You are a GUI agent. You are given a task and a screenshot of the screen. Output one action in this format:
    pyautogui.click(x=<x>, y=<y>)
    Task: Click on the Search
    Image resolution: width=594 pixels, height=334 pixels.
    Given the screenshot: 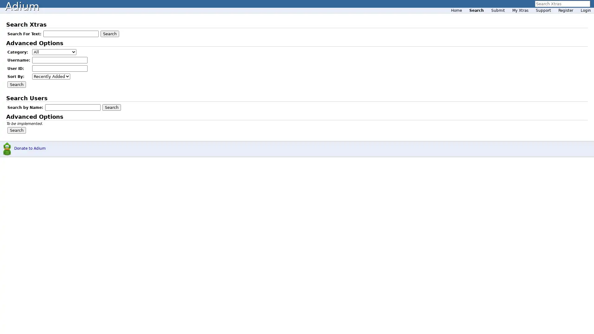 What is the action you would take?
    pyautogui.click(x=16, y=84)
    